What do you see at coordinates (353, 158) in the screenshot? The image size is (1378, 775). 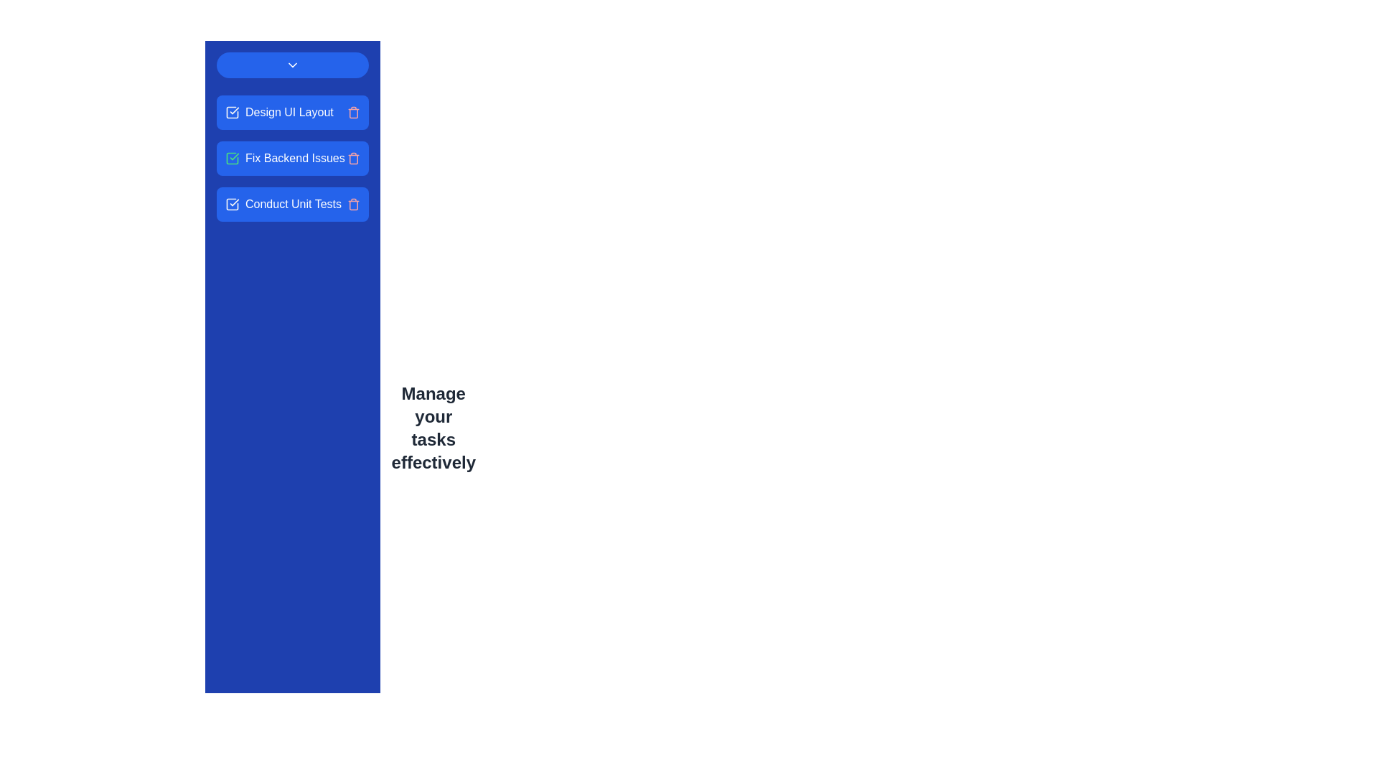 I see `the delete button located on the right-hand side of the 'Fix Backend Issues' entry` at bounding box center [353, 158].